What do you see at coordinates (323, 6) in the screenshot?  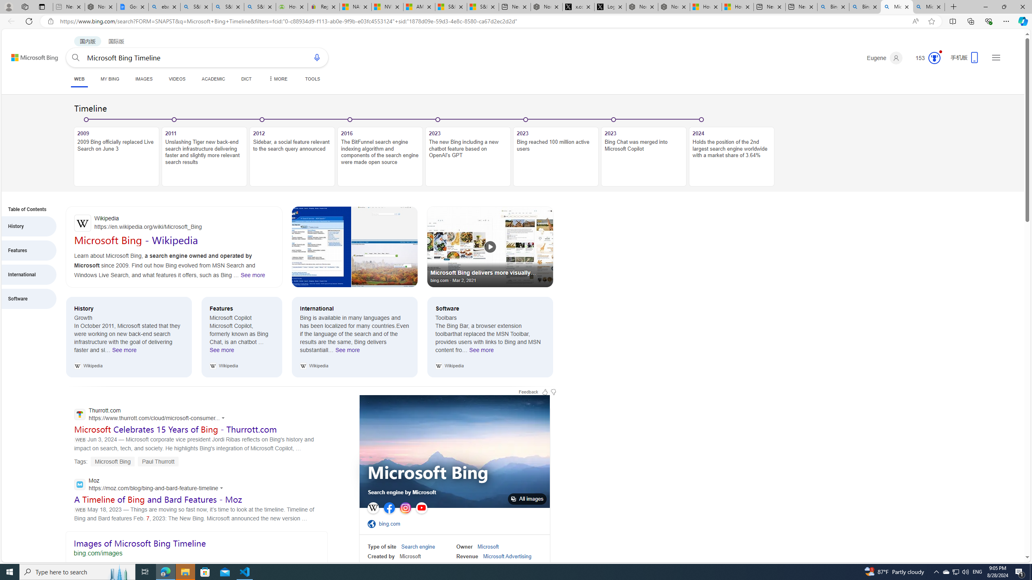 I see `'Register: Create a personal eBay account'` at bounding box center [323, 6].